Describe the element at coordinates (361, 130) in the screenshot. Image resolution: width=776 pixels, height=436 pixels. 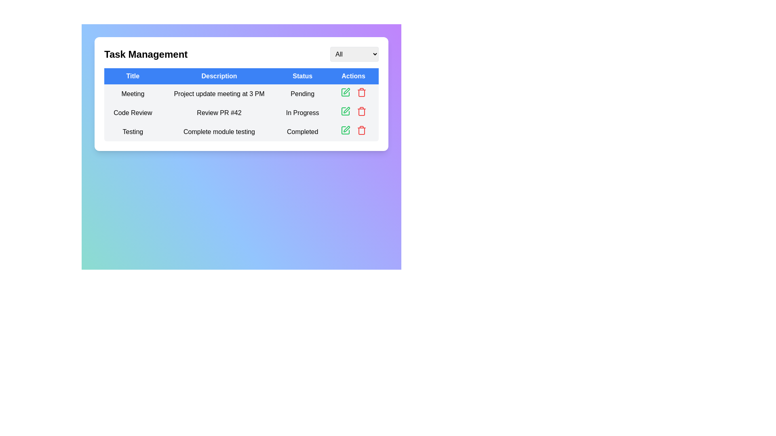
I see `the red trash bin icon in the third row of the 'Actions' column` at that location.